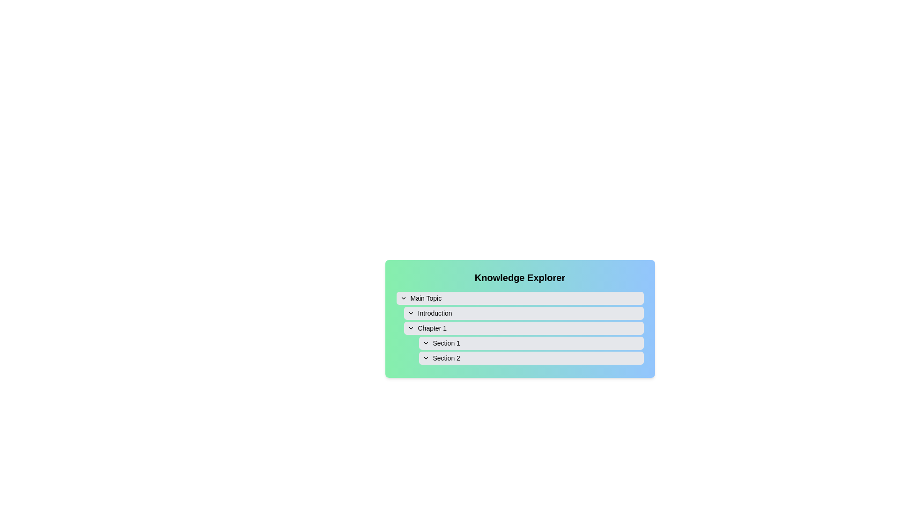  What do you see at coordinates (425, 343) in the screenshot?
I see `the small triangular icon styled as a downwards arrow, located next to the 'Section 1' label` at bounding box center [425, 343].